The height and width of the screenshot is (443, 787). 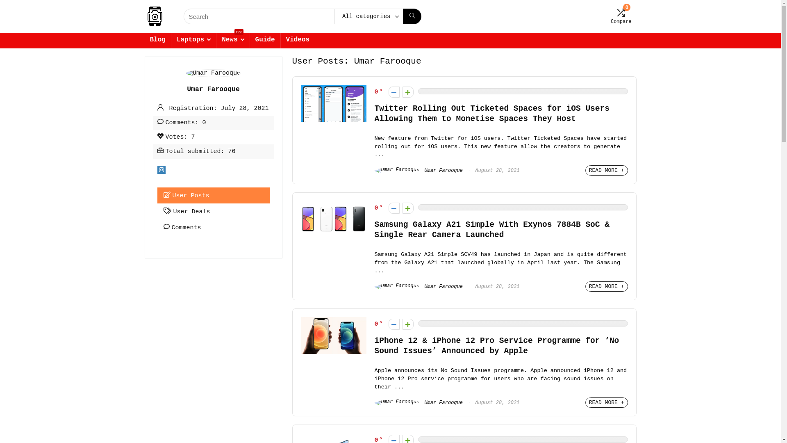 What do you see at coordinates (144, 41) in the screenshot?
I see `'Blog'` at bounding box center [144, 41].